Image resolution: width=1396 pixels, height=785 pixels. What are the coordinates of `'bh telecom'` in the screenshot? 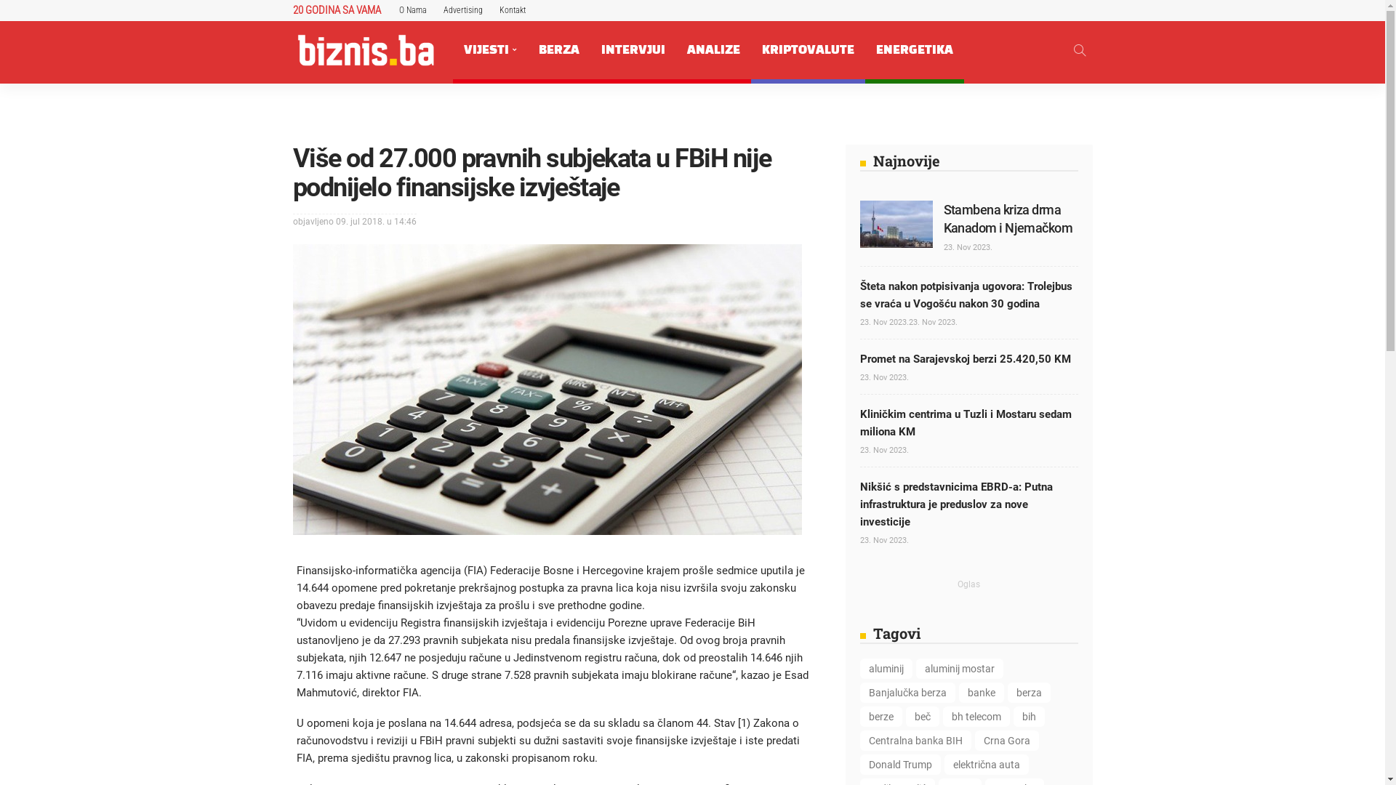 It's located at (976, 716).